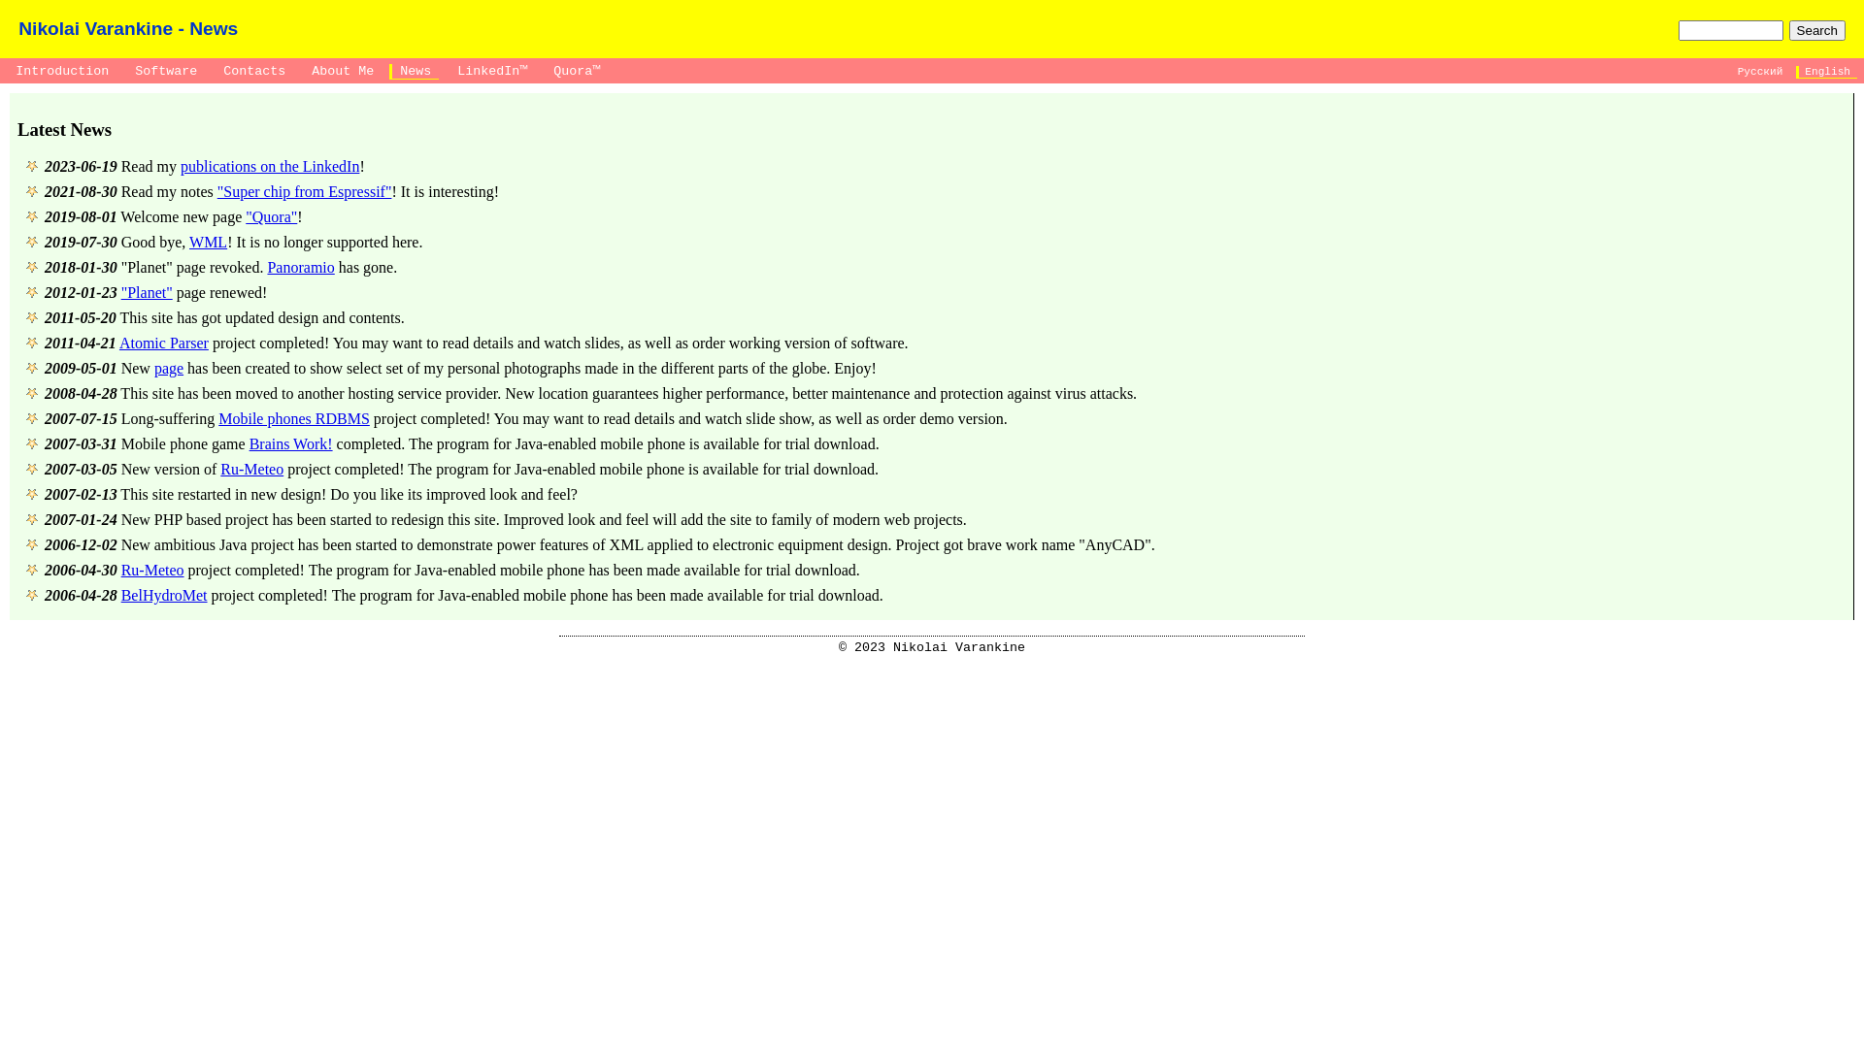 The width and height of the screenshot is (1864, 1048). Describe the element at coordinates (292, 417) in the screenshot. I see `'Mobile phones RDBMS'` at that location.